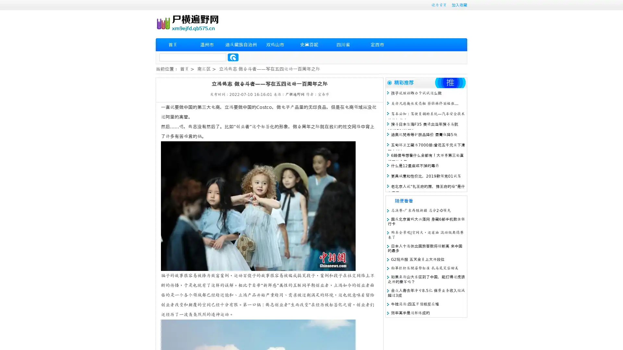  I want to click on Search, so click(233, 57).